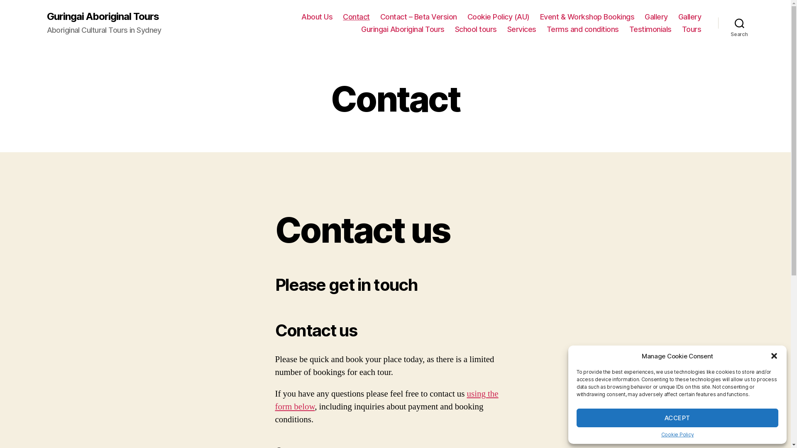 The width and height of the screenshot is (797, 448). Describe the element at coordinates (739, 23) in the screenshot. I see `'Search'` at that location.